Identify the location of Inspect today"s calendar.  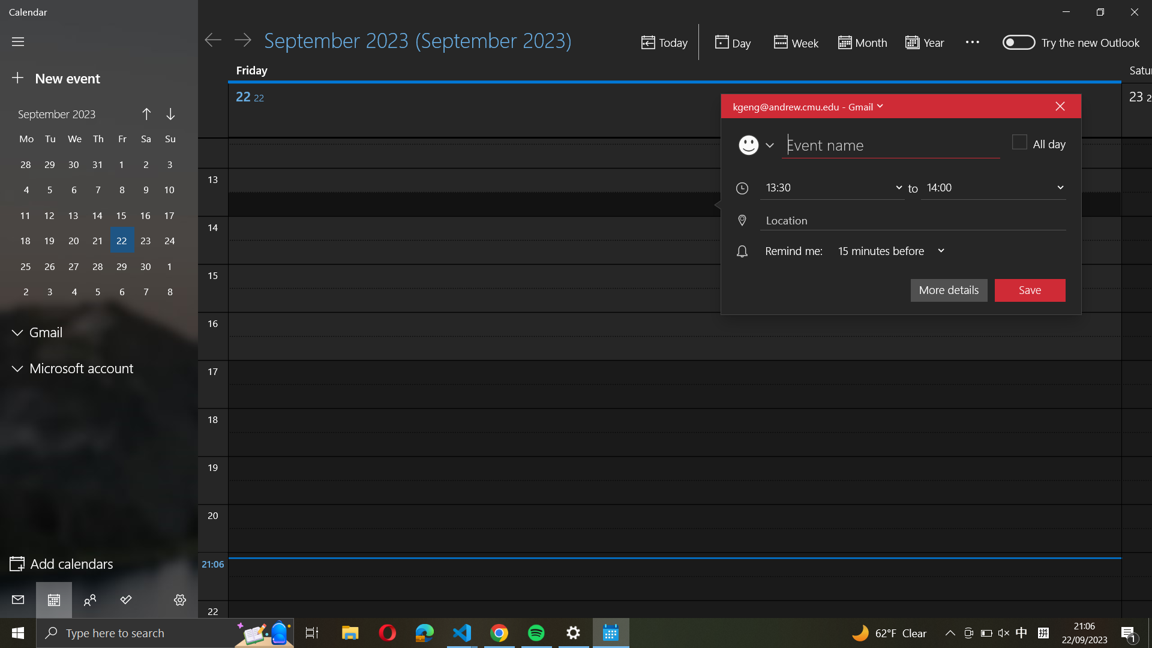
(732, 41).